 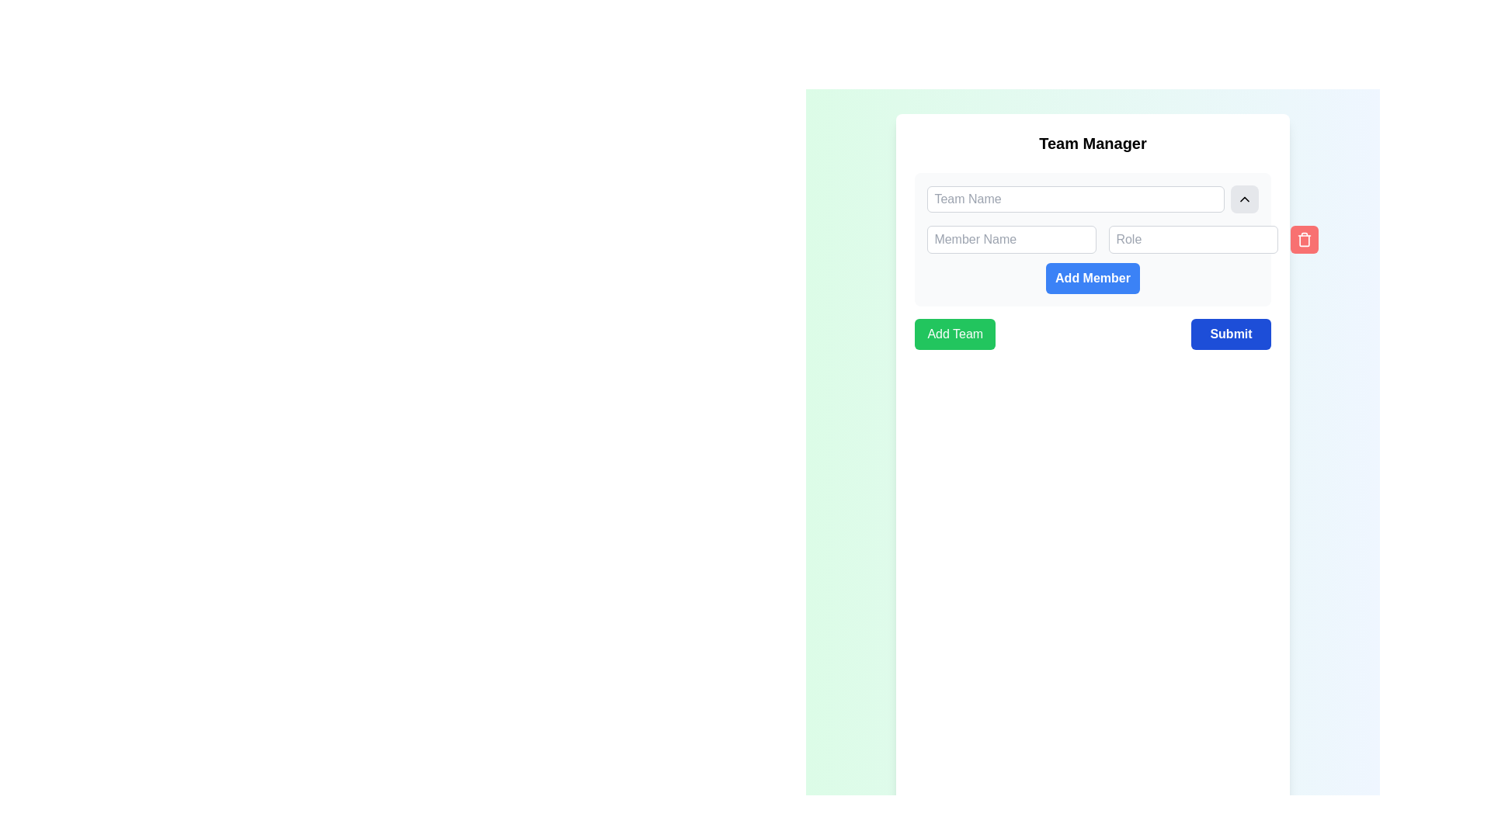 What do you see at coordinates (1092, 259) in the screenshot?
I see `the blue button labeled 'Add Member'` at bounding box center [1092, 259].